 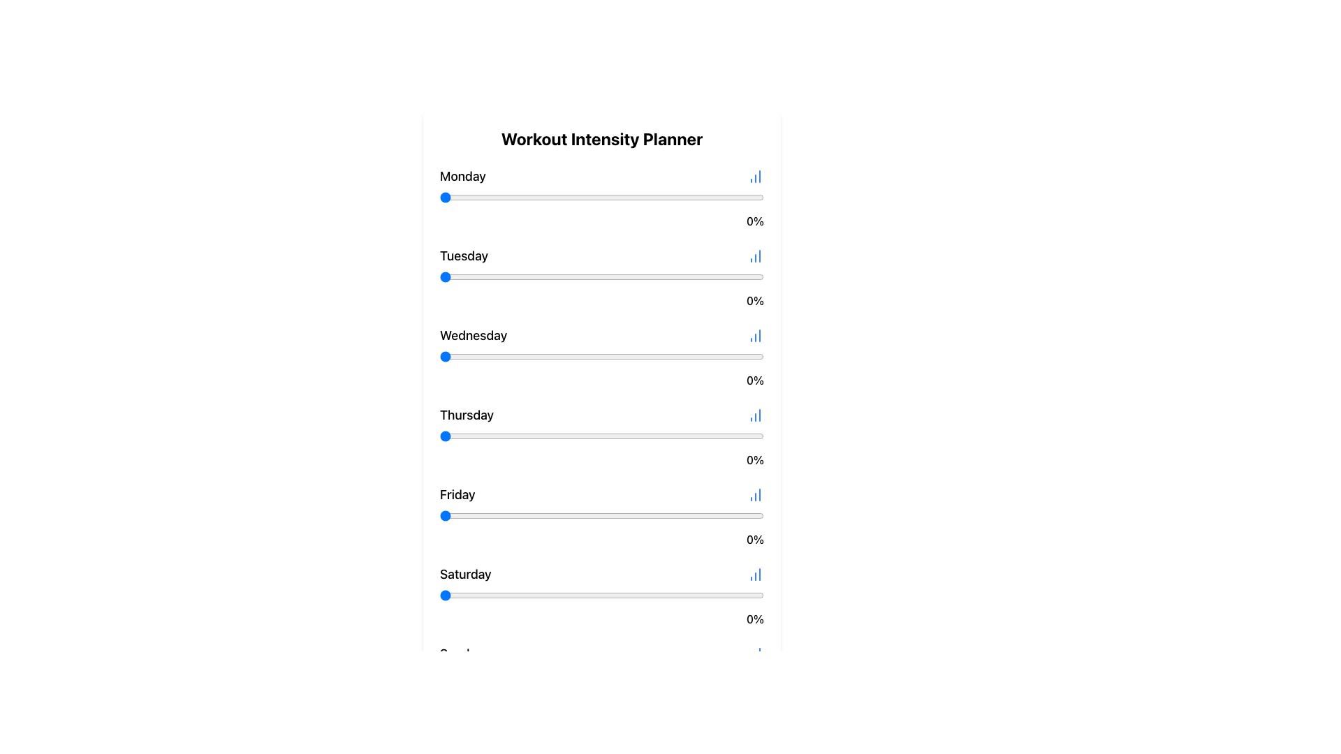 What do you see at coordinates (754, 494) in the screenshot?
I see `the chart icon located to the far right side of the 'Friday' row, which is styled in blue and represents data with vertical bars` at bounding box center [754, 494].